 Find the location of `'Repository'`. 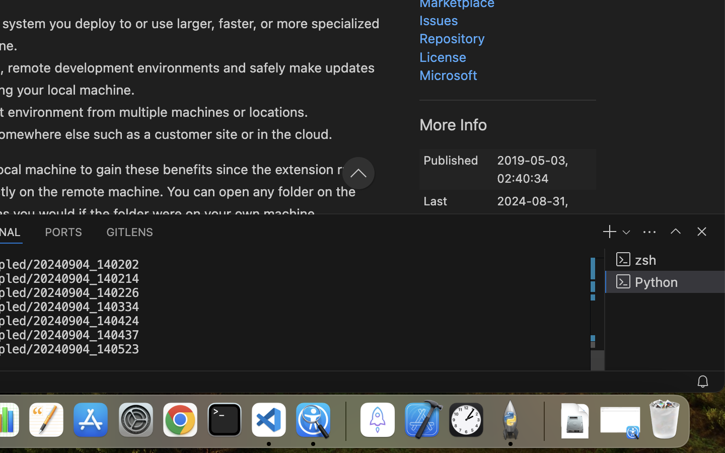

'Repository' is located at coordinates (452, 38).